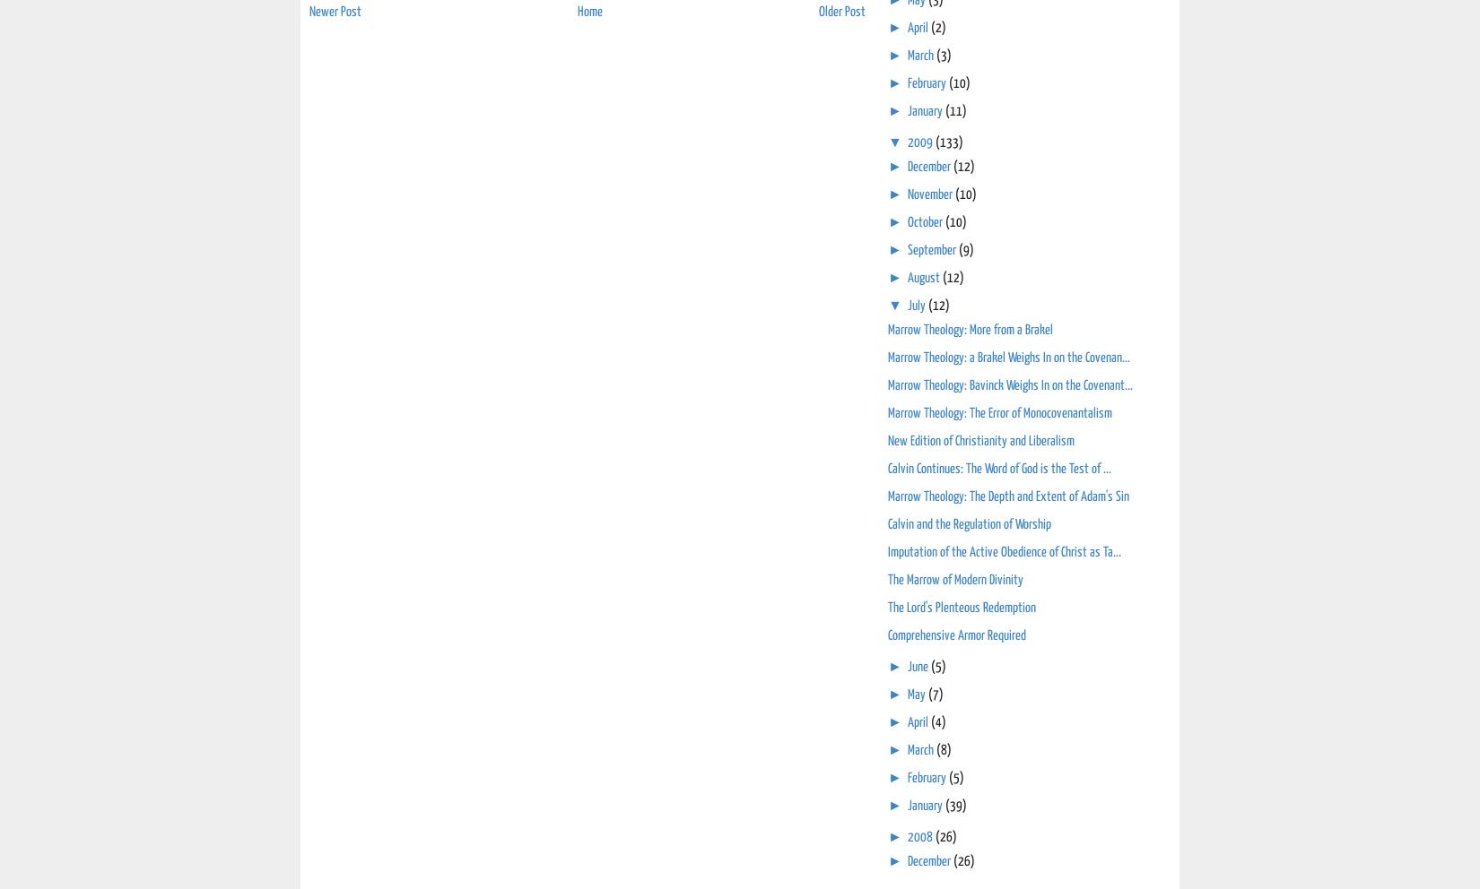  Describe the element at coordinates (842, 11) in the screenshot. I see `'Older Post'` at that location.